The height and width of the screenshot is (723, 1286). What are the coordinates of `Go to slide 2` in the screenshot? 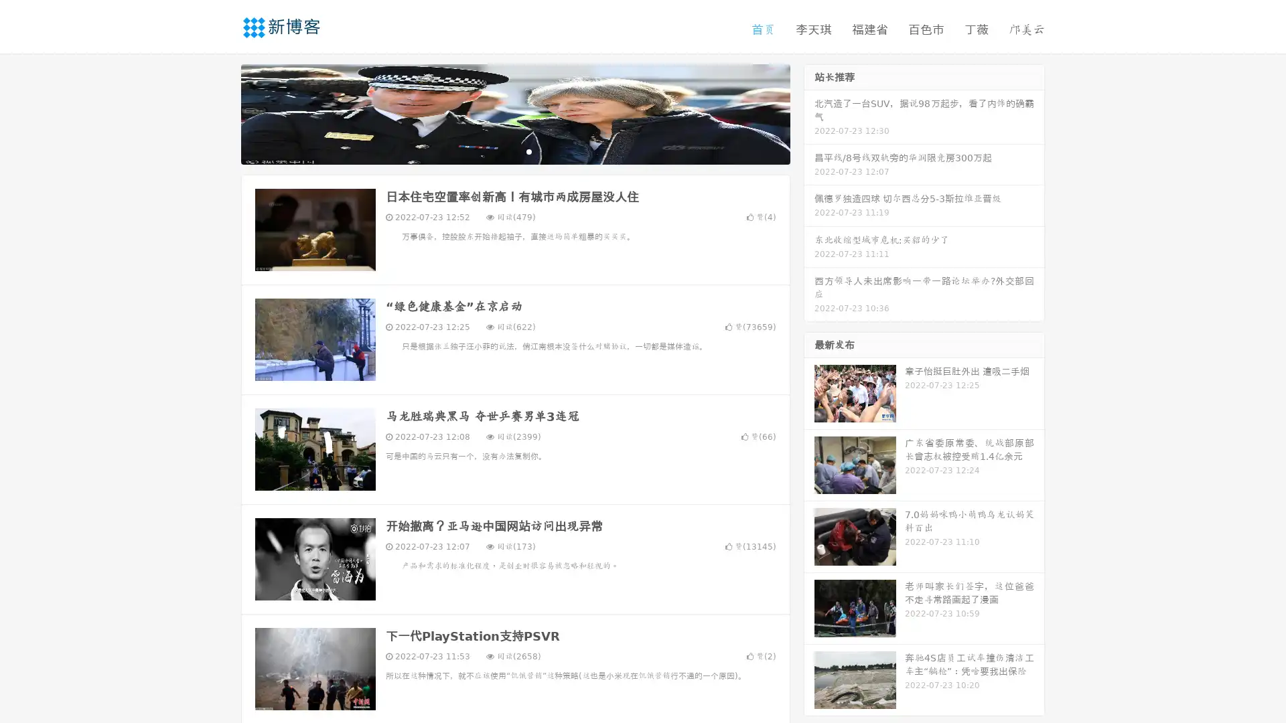 It's located at (514, 151).